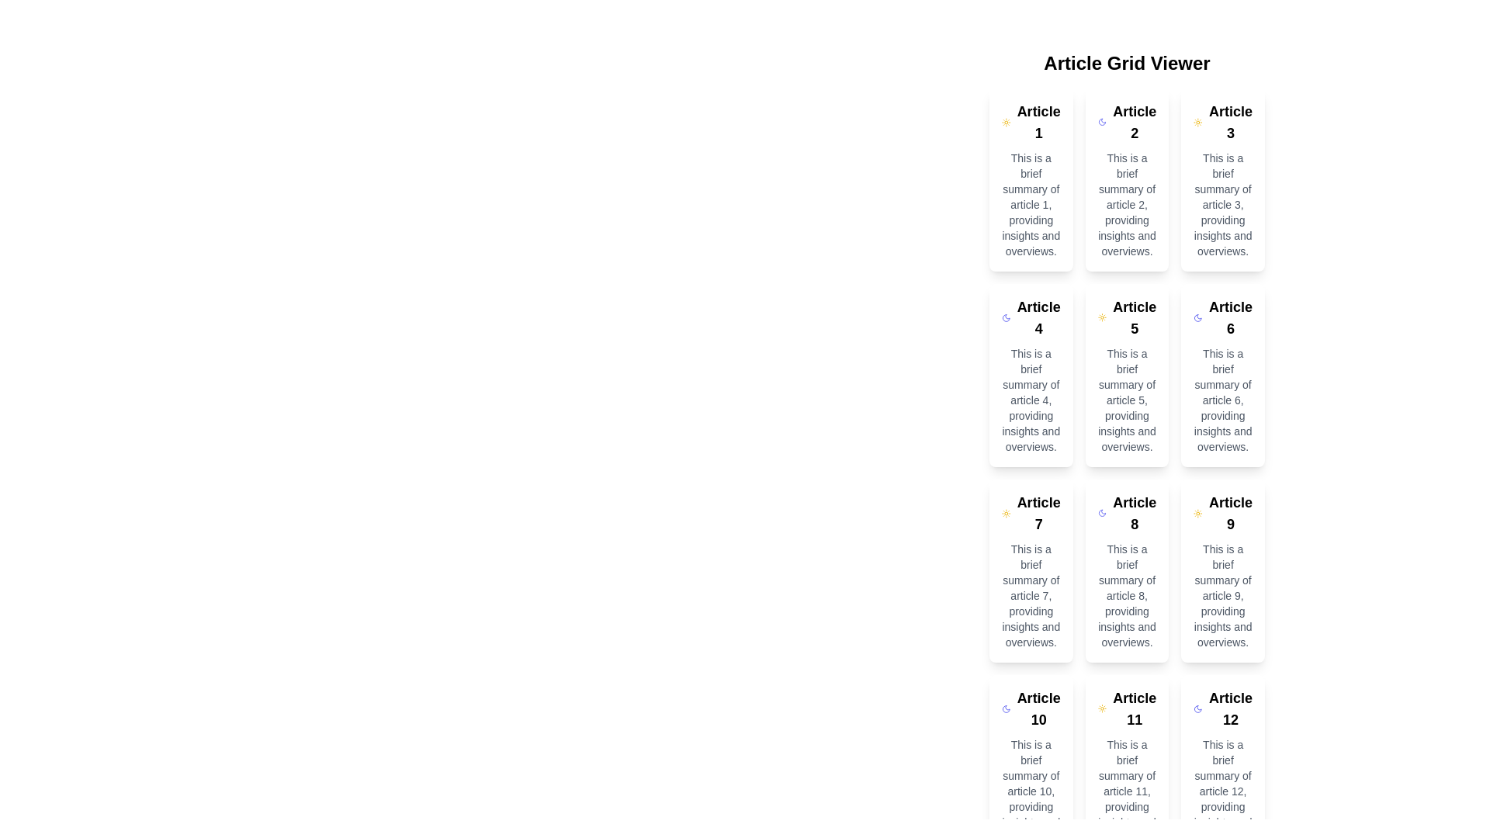 This screenshot has width=1490, height=838. What do you see at coordinates (1031, 317) in the screenshot?
I see `displayed text 'Article 4' from the Header or Title Element, which features a bold font and an indigo-colored moon icon to its left, located in the second row and first column of the card grid` at bounding box center [1031, 317].